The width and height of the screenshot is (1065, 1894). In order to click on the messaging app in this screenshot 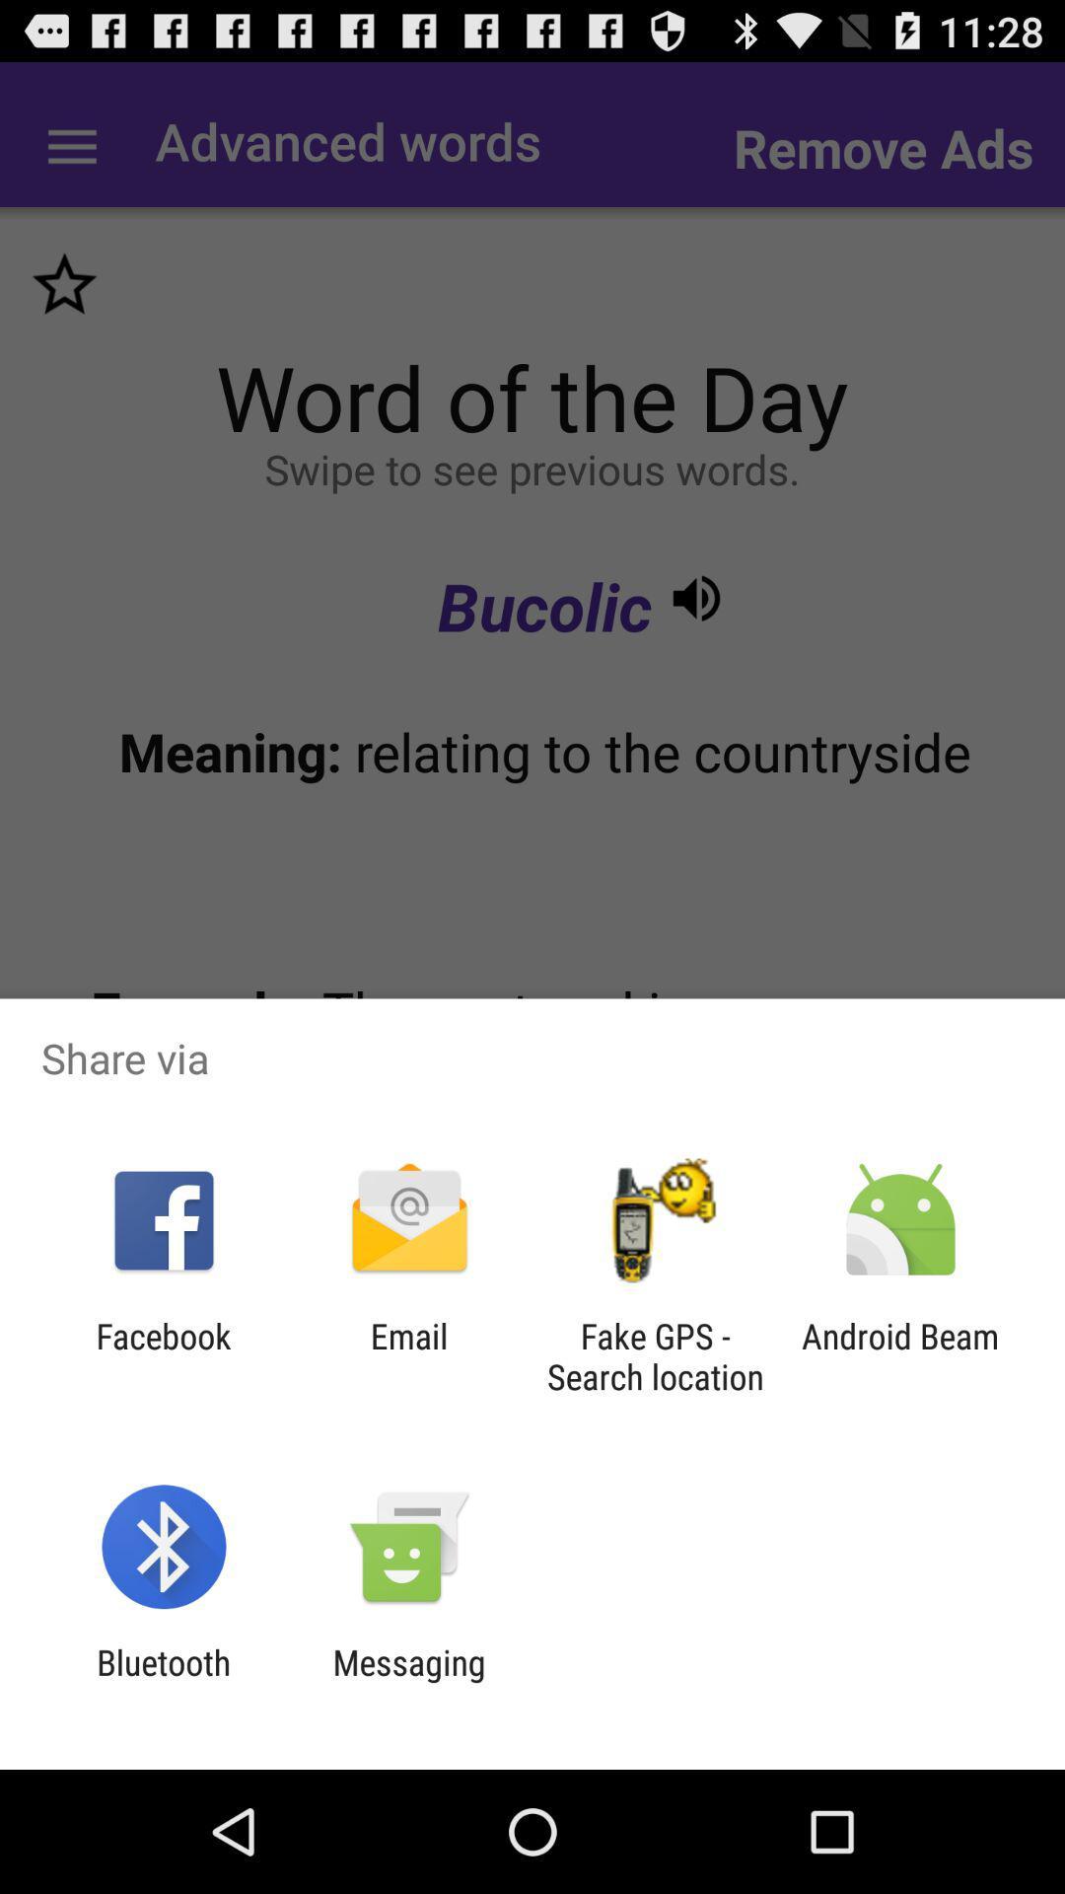, I will do `click(408, 1682)`.